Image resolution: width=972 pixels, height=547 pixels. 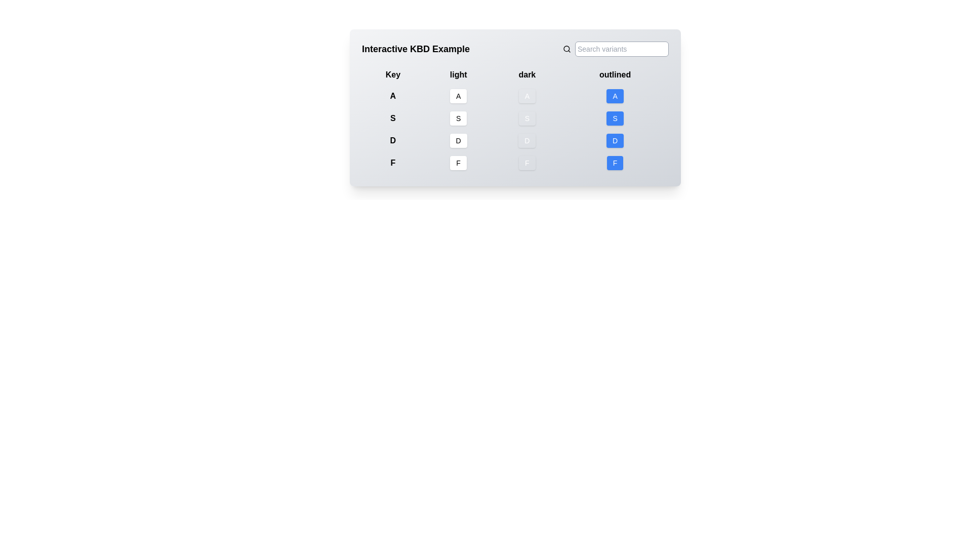 What do you see at coordinates (566, 49) in the screenshot?
I see `the magnifying glass icon located to the immediate left of the 'Search variants' text input field` at bounding box center [566, 49].